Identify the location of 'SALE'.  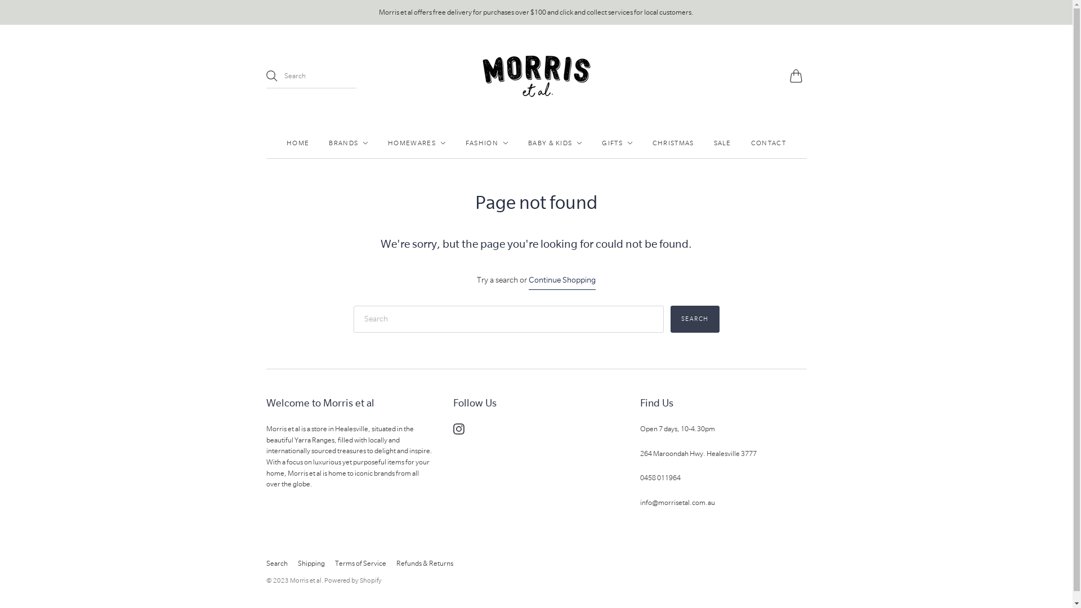
(722, 142).